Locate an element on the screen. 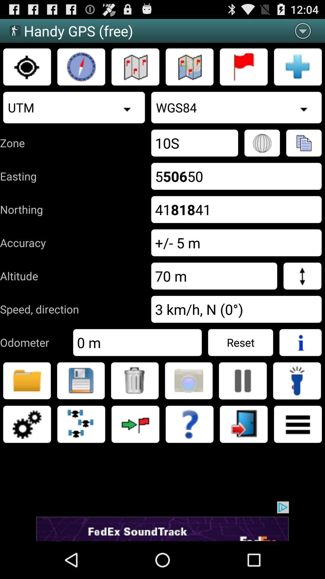 The width and height of the screenshot is (325, 579). timing the option is located at coordinates (81, 67).